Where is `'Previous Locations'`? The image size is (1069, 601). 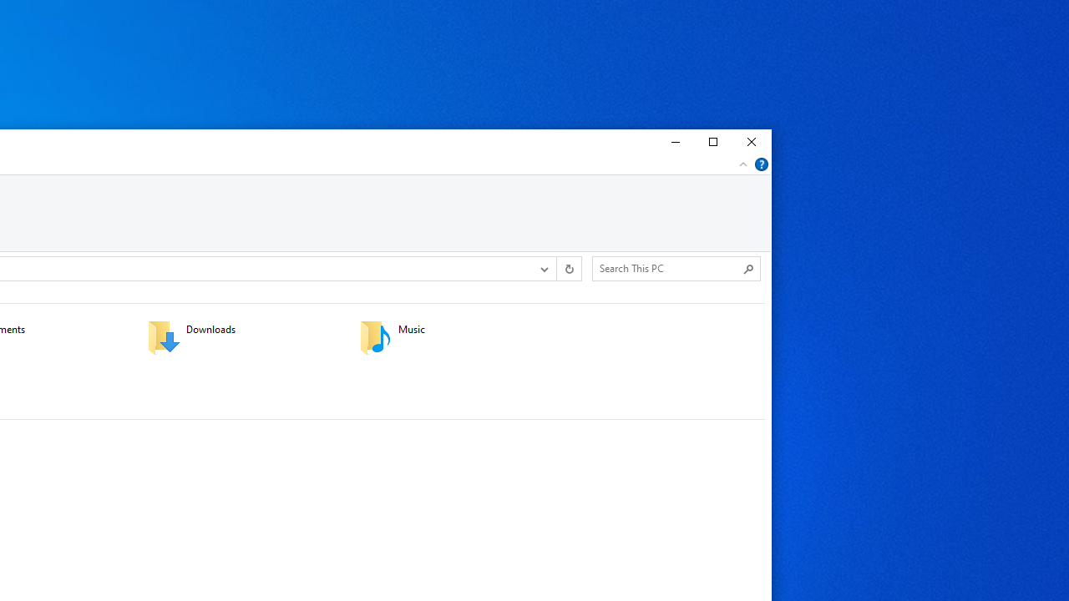 'Previous Locations' is located at coordinates (543, 267).